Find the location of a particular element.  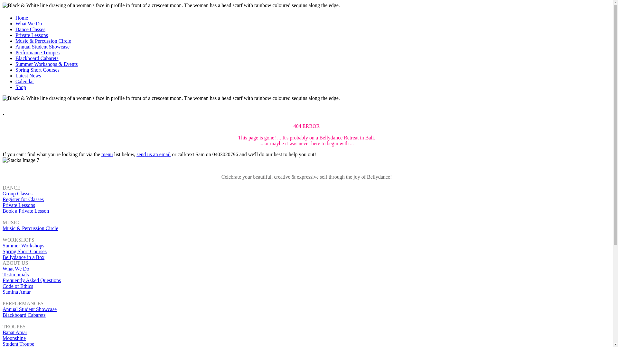

'send us an email' is located at coordinates (153, 154).